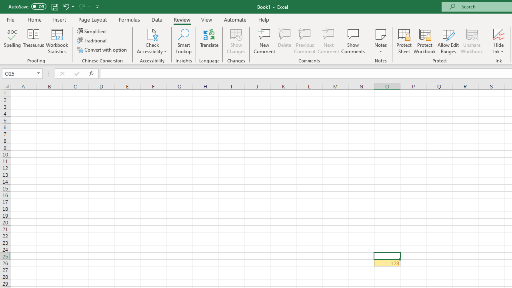  I want to click on 'Allow Edit Ranges', so click(448, 41).